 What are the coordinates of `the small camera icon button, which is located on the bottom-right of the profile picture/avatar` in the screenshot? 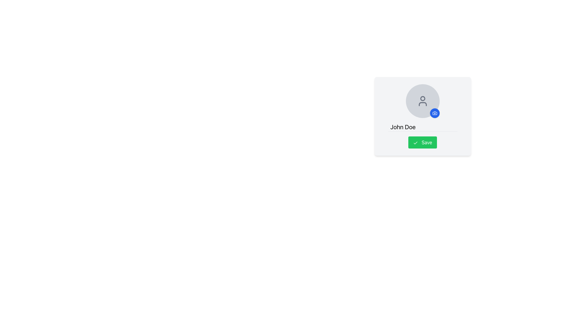 It's located at (435, 113).